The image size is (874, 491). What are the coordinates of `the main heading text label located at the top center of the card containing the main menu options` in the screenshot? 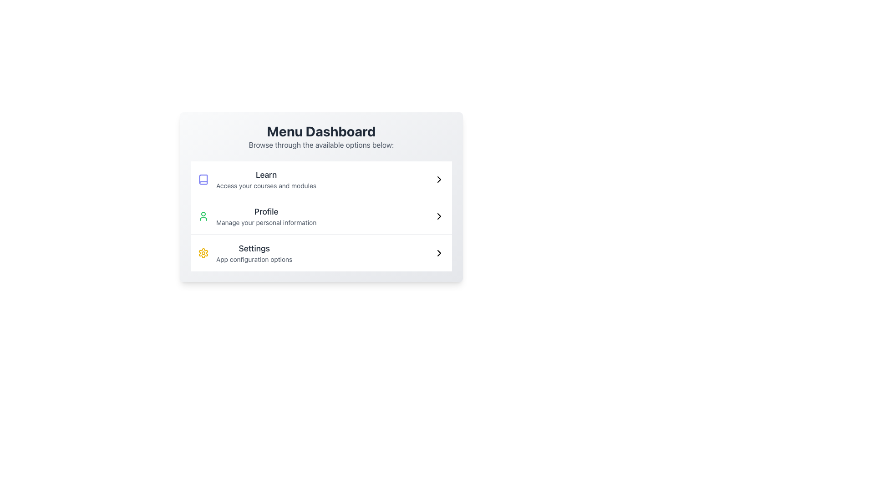 It's located at (321, 131).